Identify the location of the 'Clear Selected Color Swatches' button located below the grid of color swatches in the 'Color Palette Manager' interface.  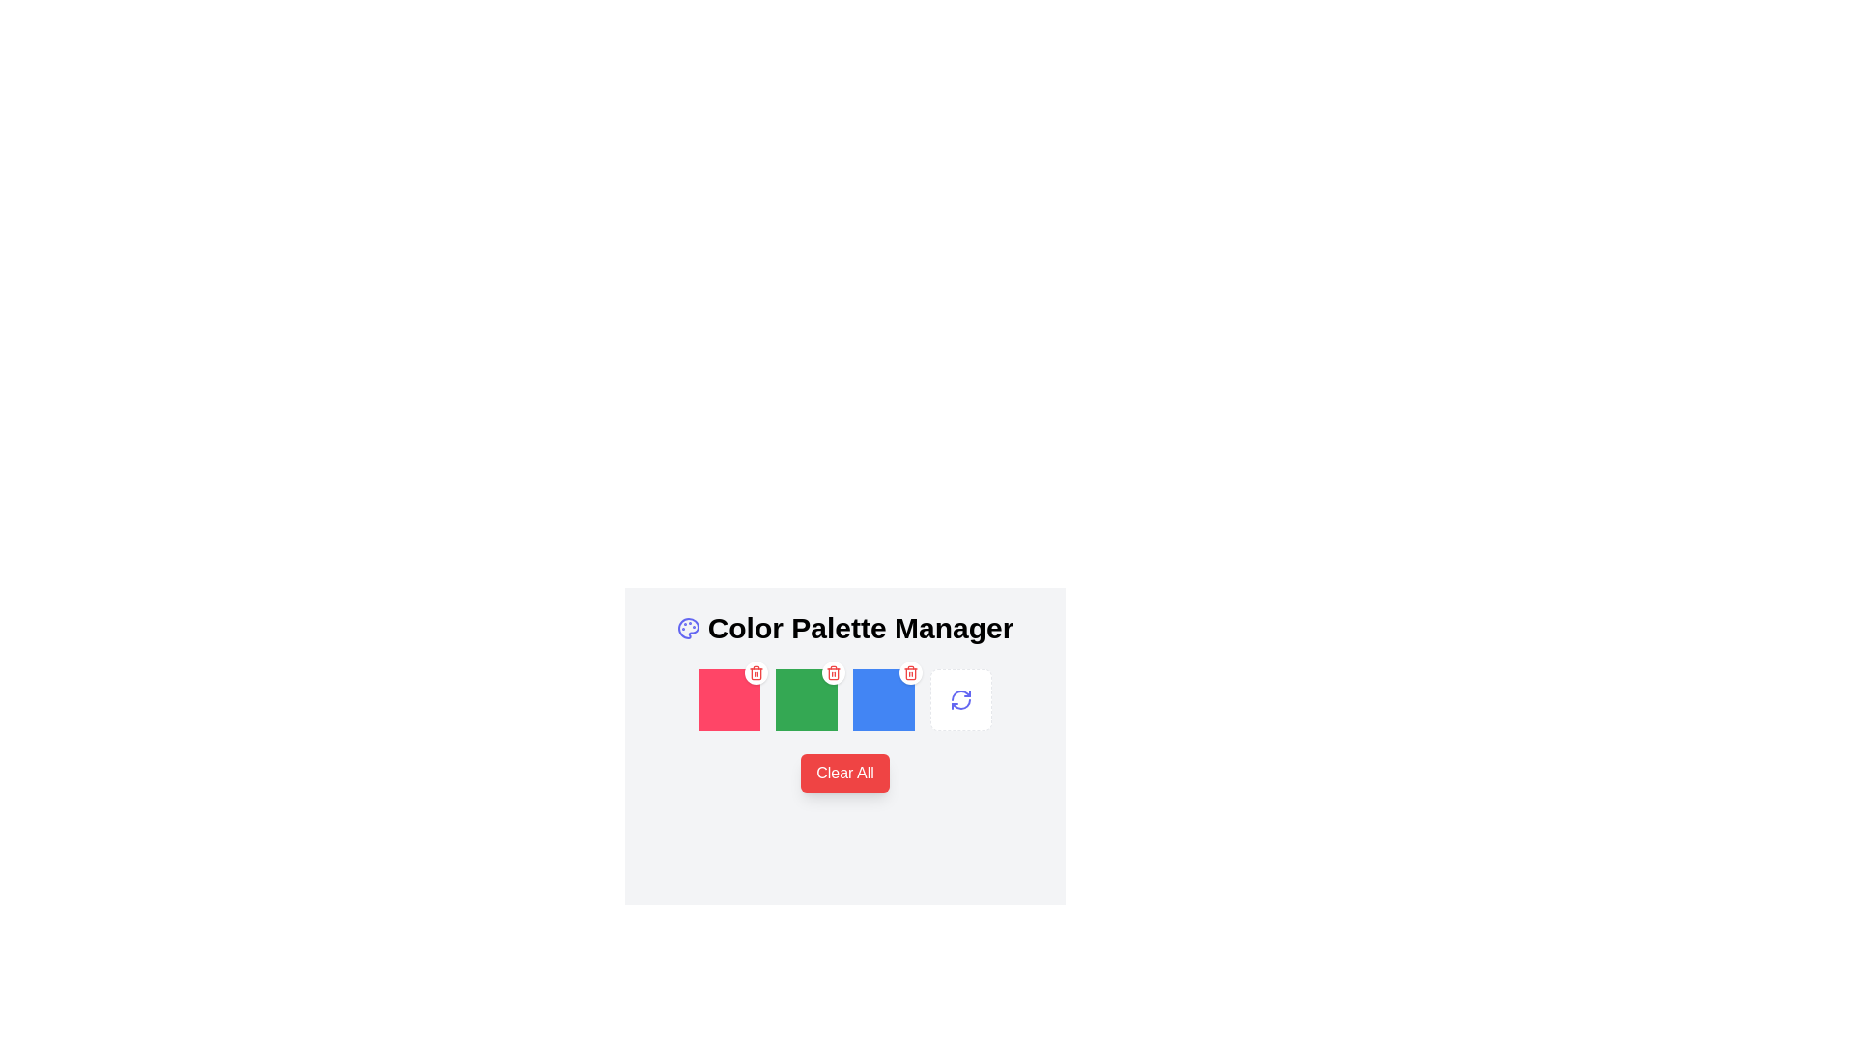
(844, 773).